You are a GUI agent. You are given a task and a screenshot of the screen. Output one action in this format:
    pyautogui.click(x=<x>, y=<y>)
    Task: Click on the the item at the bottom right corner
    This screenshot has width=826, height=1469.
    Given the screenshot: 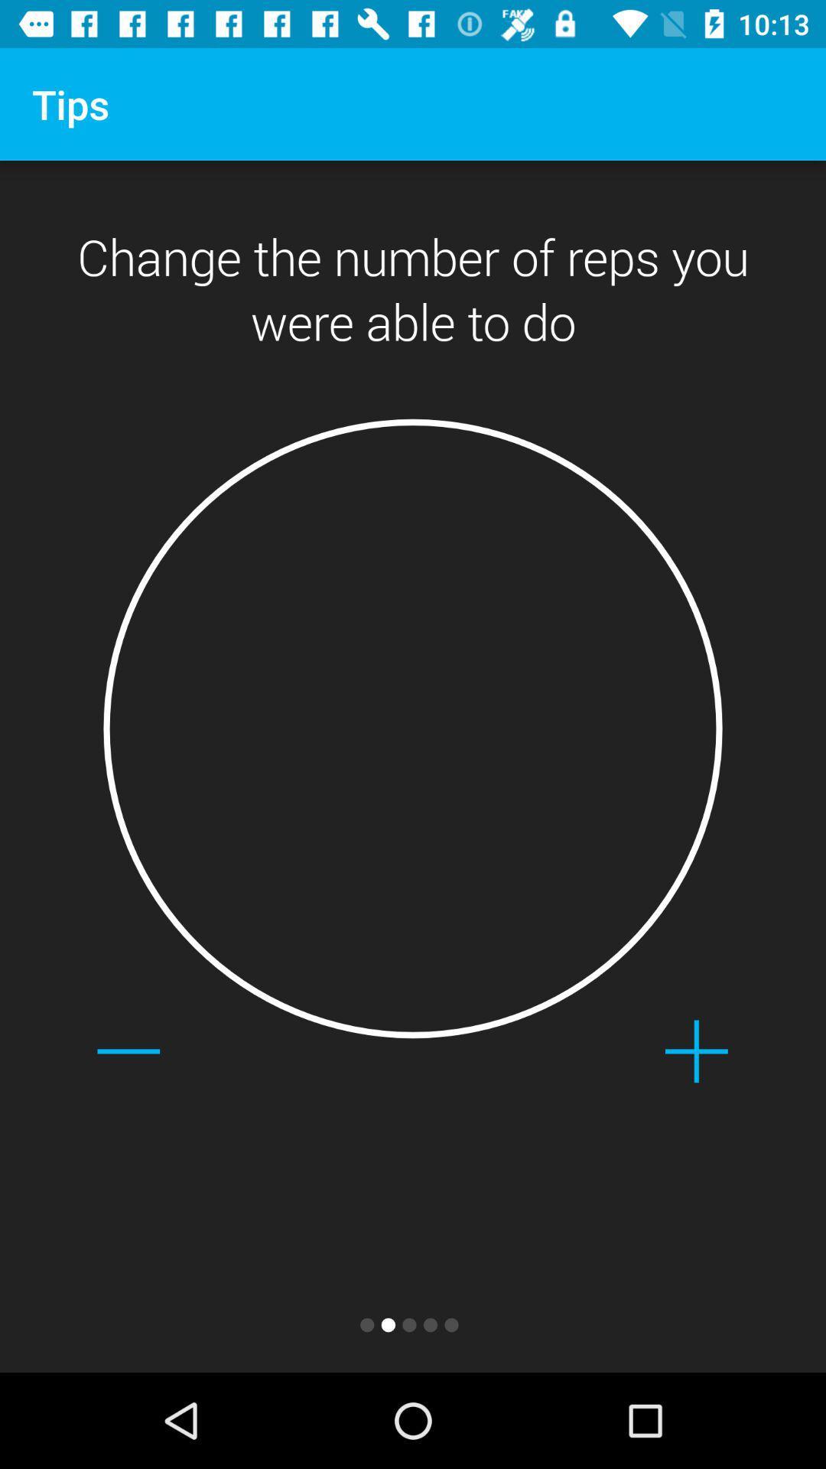 What is the action you would take?
    pyautogui.click(x=696, y=1050)
    